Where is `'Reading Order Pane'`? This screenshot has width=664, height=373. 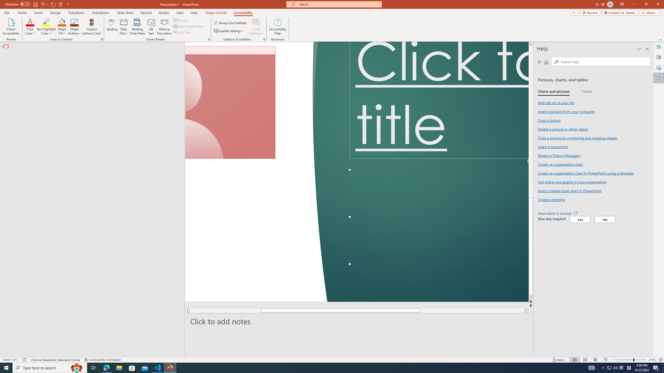
'Reading Order Pane' is located at coordinates (137, 27).